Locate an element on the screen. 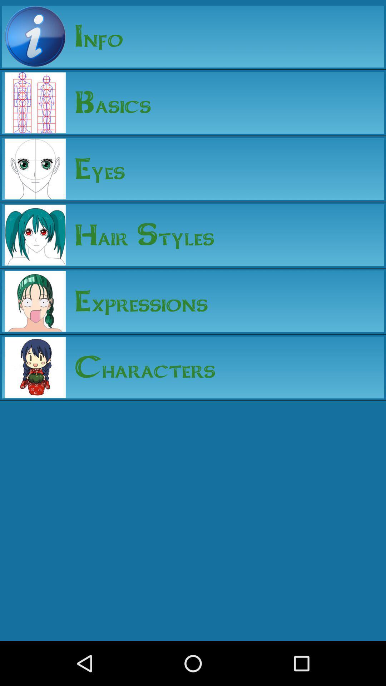  the characters app is located at coordinates (140, 367).